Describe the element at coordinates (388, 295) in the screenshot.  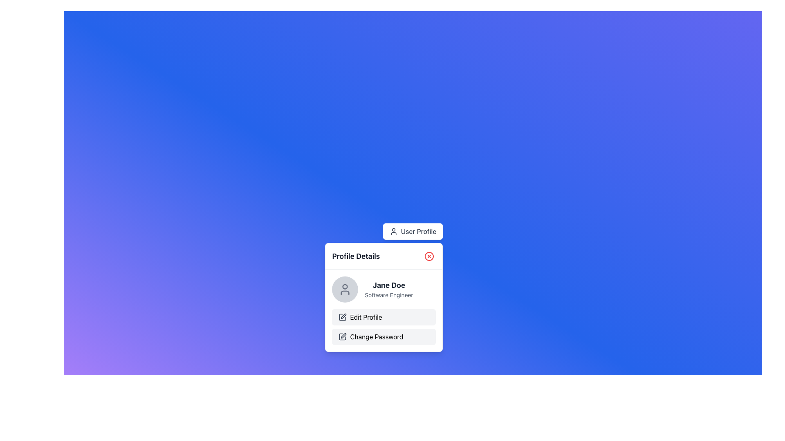
I see `the static text label that reads 'Software Engineer', which is positioned directly below 'Jane Doe' in the 'Profile Details' section of the user profile box` at that location.